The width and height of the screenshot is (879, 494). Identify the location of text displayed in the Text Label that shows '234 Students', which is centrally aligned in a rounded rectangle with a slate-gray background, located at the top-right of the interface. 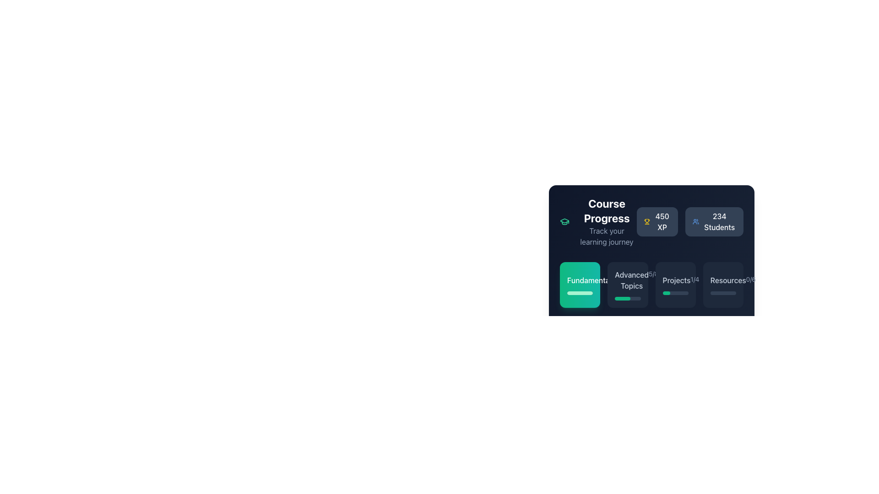
(719, 222).